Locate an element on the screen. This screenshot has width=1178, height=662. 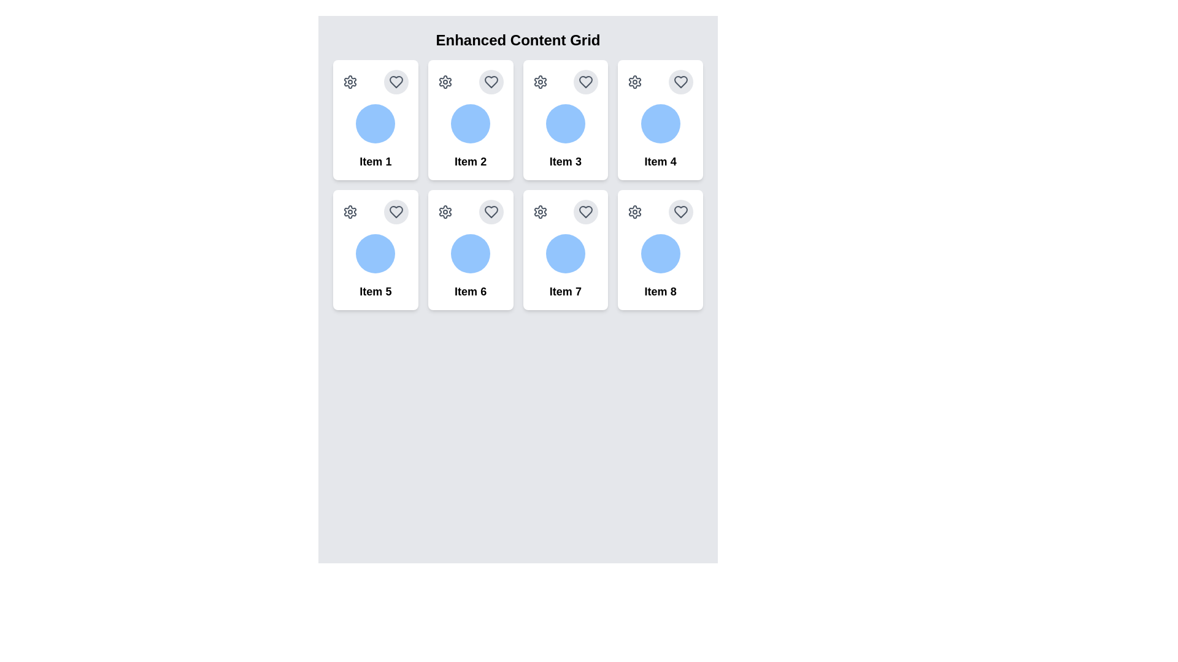
the second button from the left within the header of the card labeled 'Item 7' is located at coordinates (585, 211).